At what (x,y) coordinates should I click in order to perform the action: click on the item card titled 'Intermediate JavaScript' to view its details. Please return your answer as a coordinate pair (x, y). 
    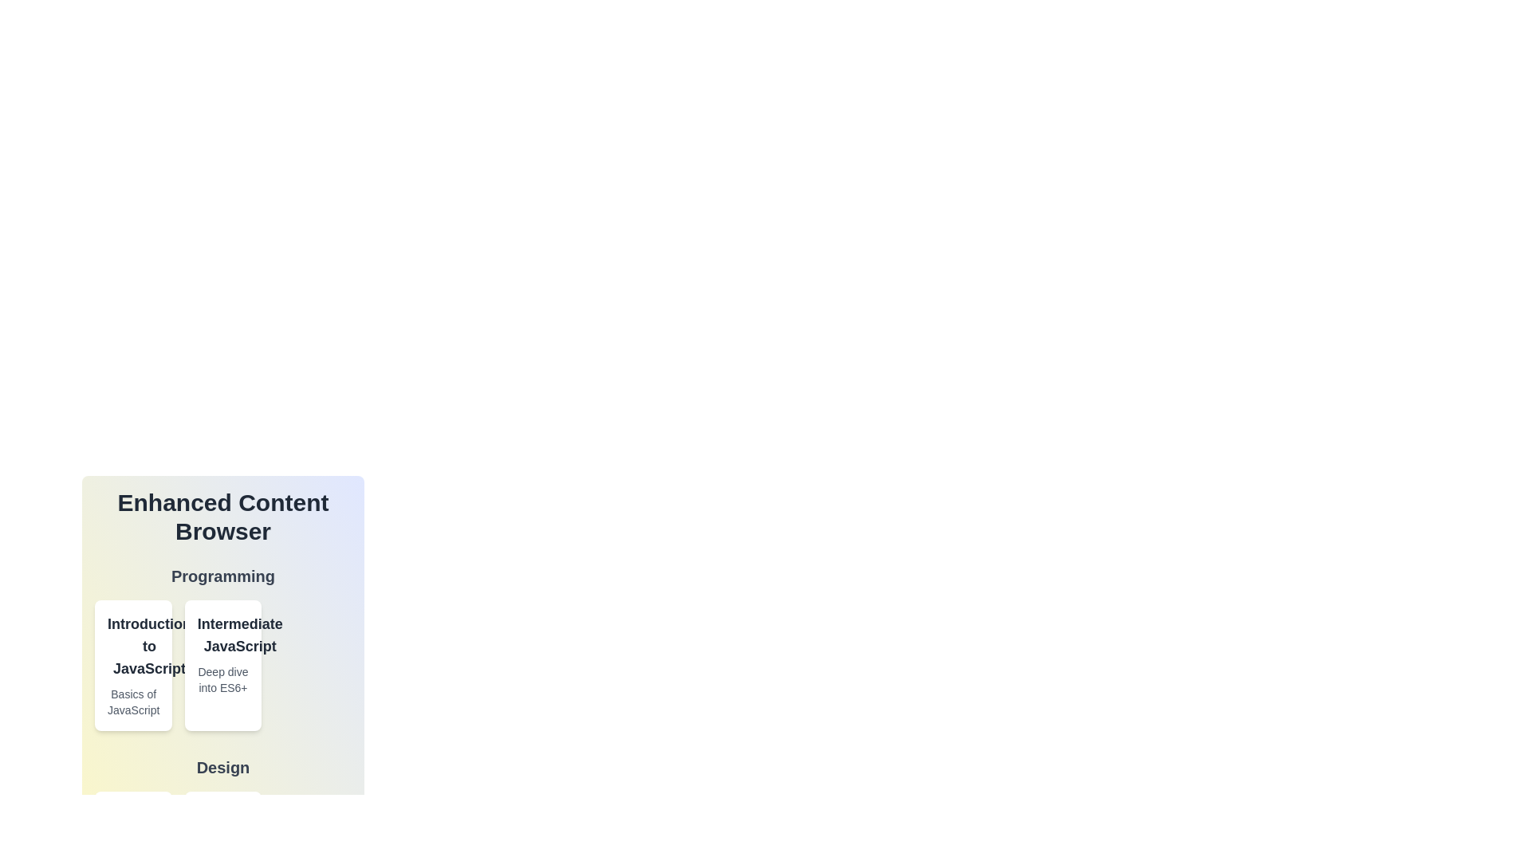
    Looking at the image, I should click on (239, 635).